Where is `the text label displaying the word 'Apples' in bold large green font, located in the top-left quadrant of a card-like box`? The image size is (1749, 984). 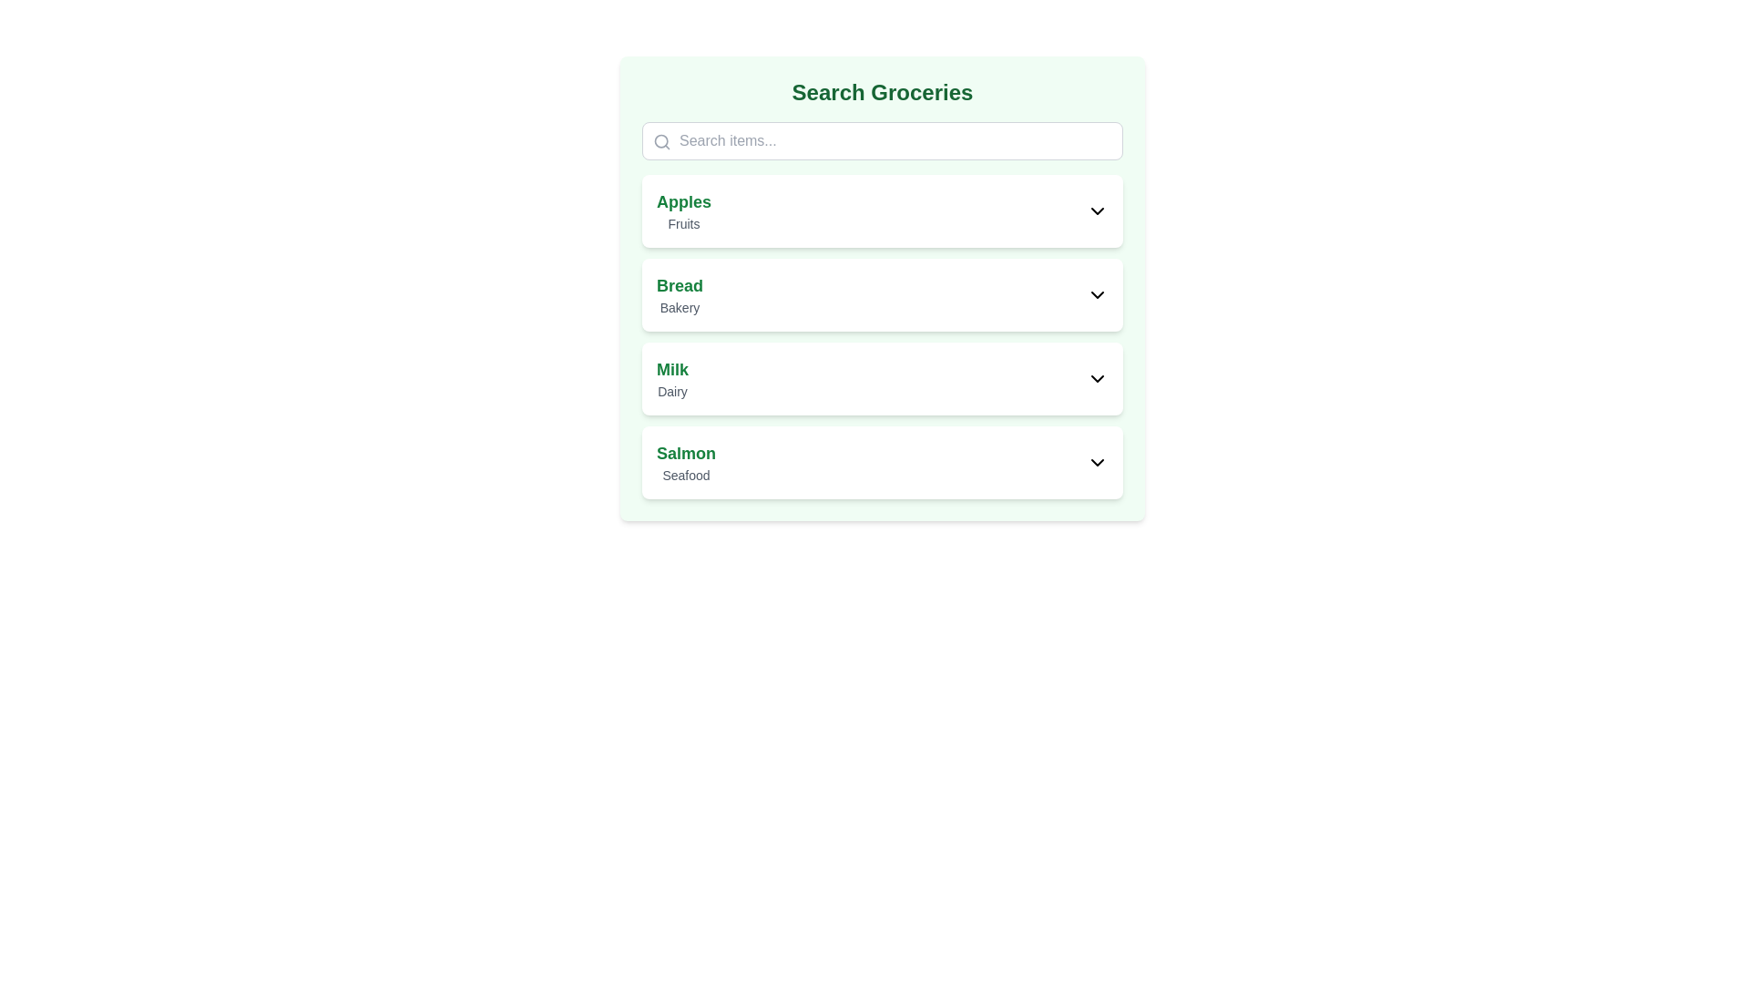 the text label displaying the word 'Apples' in bold large green font, located in the top-left quadrant of a card-like box is located at coordinates (683, 202).